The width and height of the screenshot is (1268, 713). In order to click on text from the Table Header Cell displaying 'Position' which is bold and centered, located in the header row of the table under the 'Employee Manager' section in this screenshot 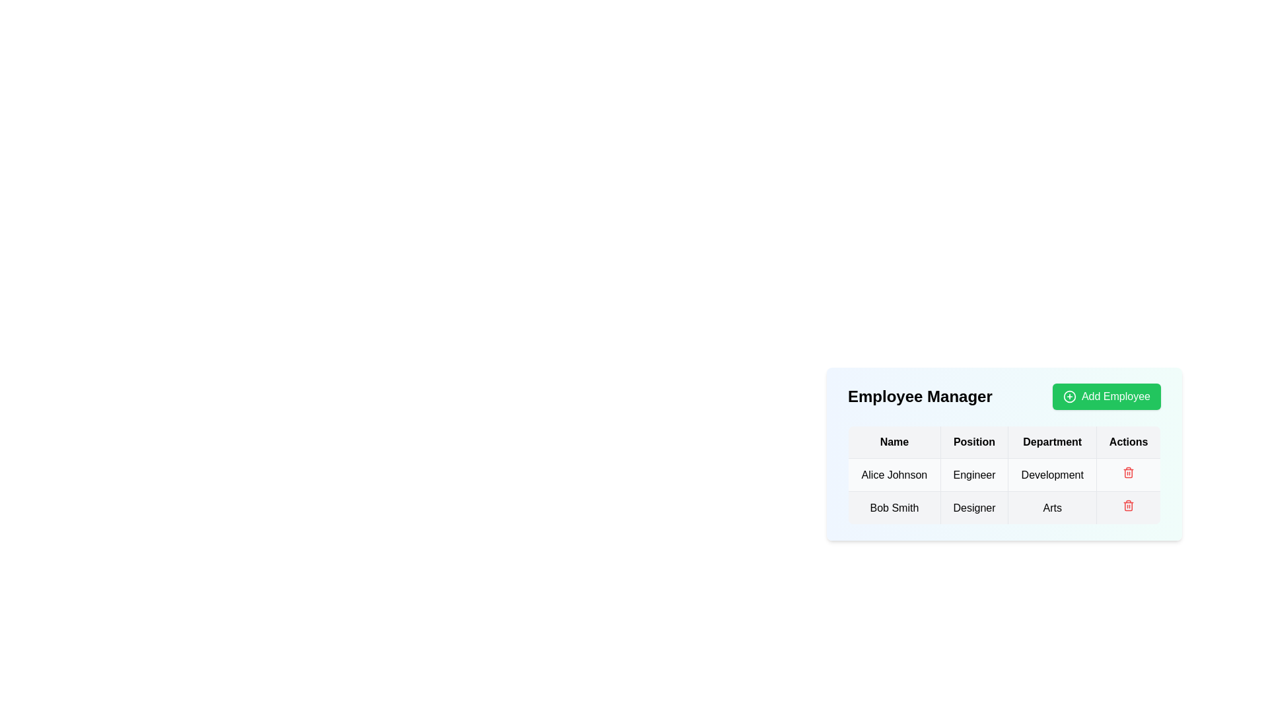, I will do `click(974, 442)`.